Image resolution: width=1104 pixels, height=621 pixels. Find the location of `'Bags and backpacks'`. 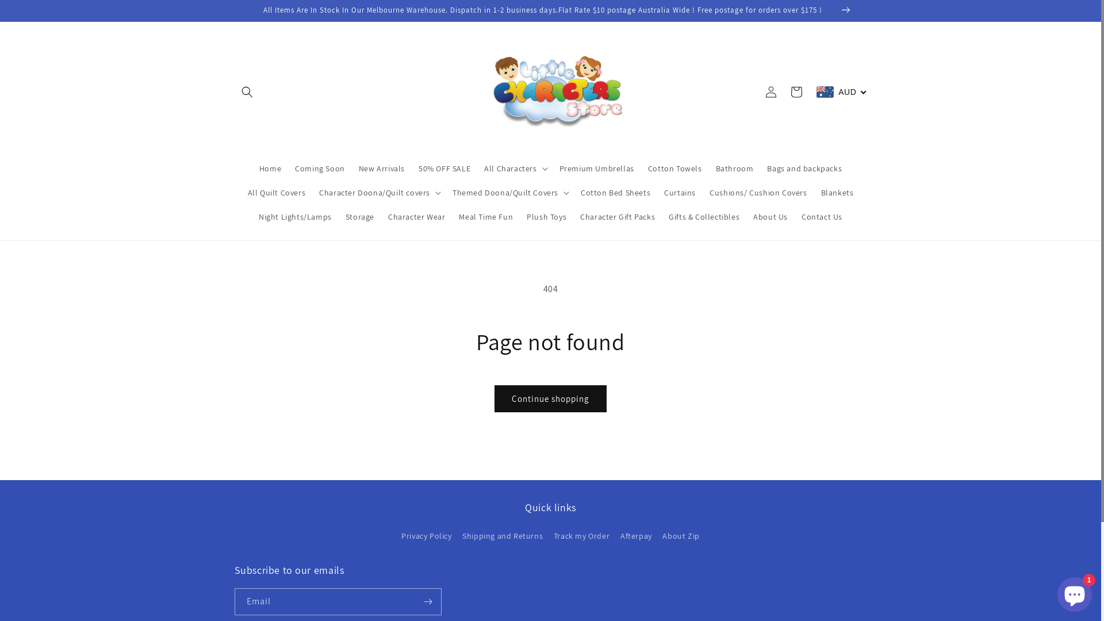

'Bags and backpacks' is located at coordinates (803, 168).